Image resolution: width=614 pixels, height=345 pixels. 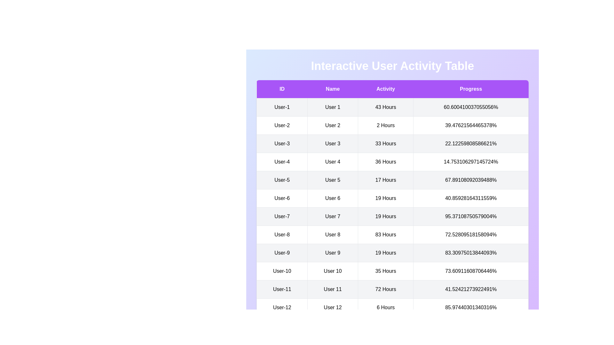 What do you see at coordinates (282, 89) in the screenshot?
I see `the header labeled 'ID' to sort the respective column` at bounding box center [282, 89].